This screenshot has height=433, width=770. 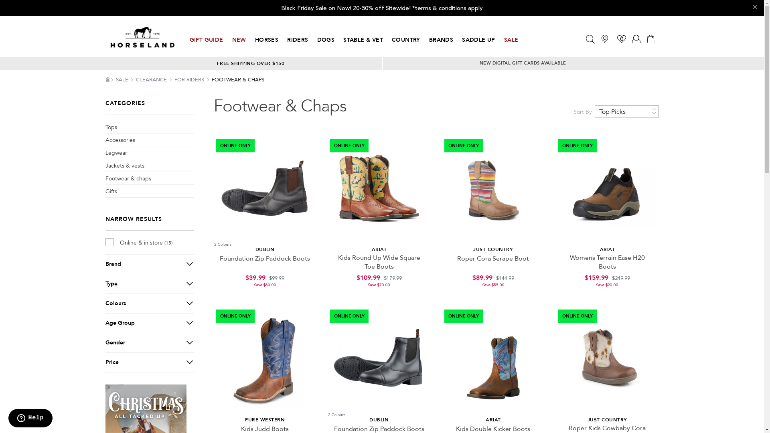 What do you see at coordinates (149, 376) in the screenshot?
I see `'$20 - $40'` at bounding box center [149, 376].